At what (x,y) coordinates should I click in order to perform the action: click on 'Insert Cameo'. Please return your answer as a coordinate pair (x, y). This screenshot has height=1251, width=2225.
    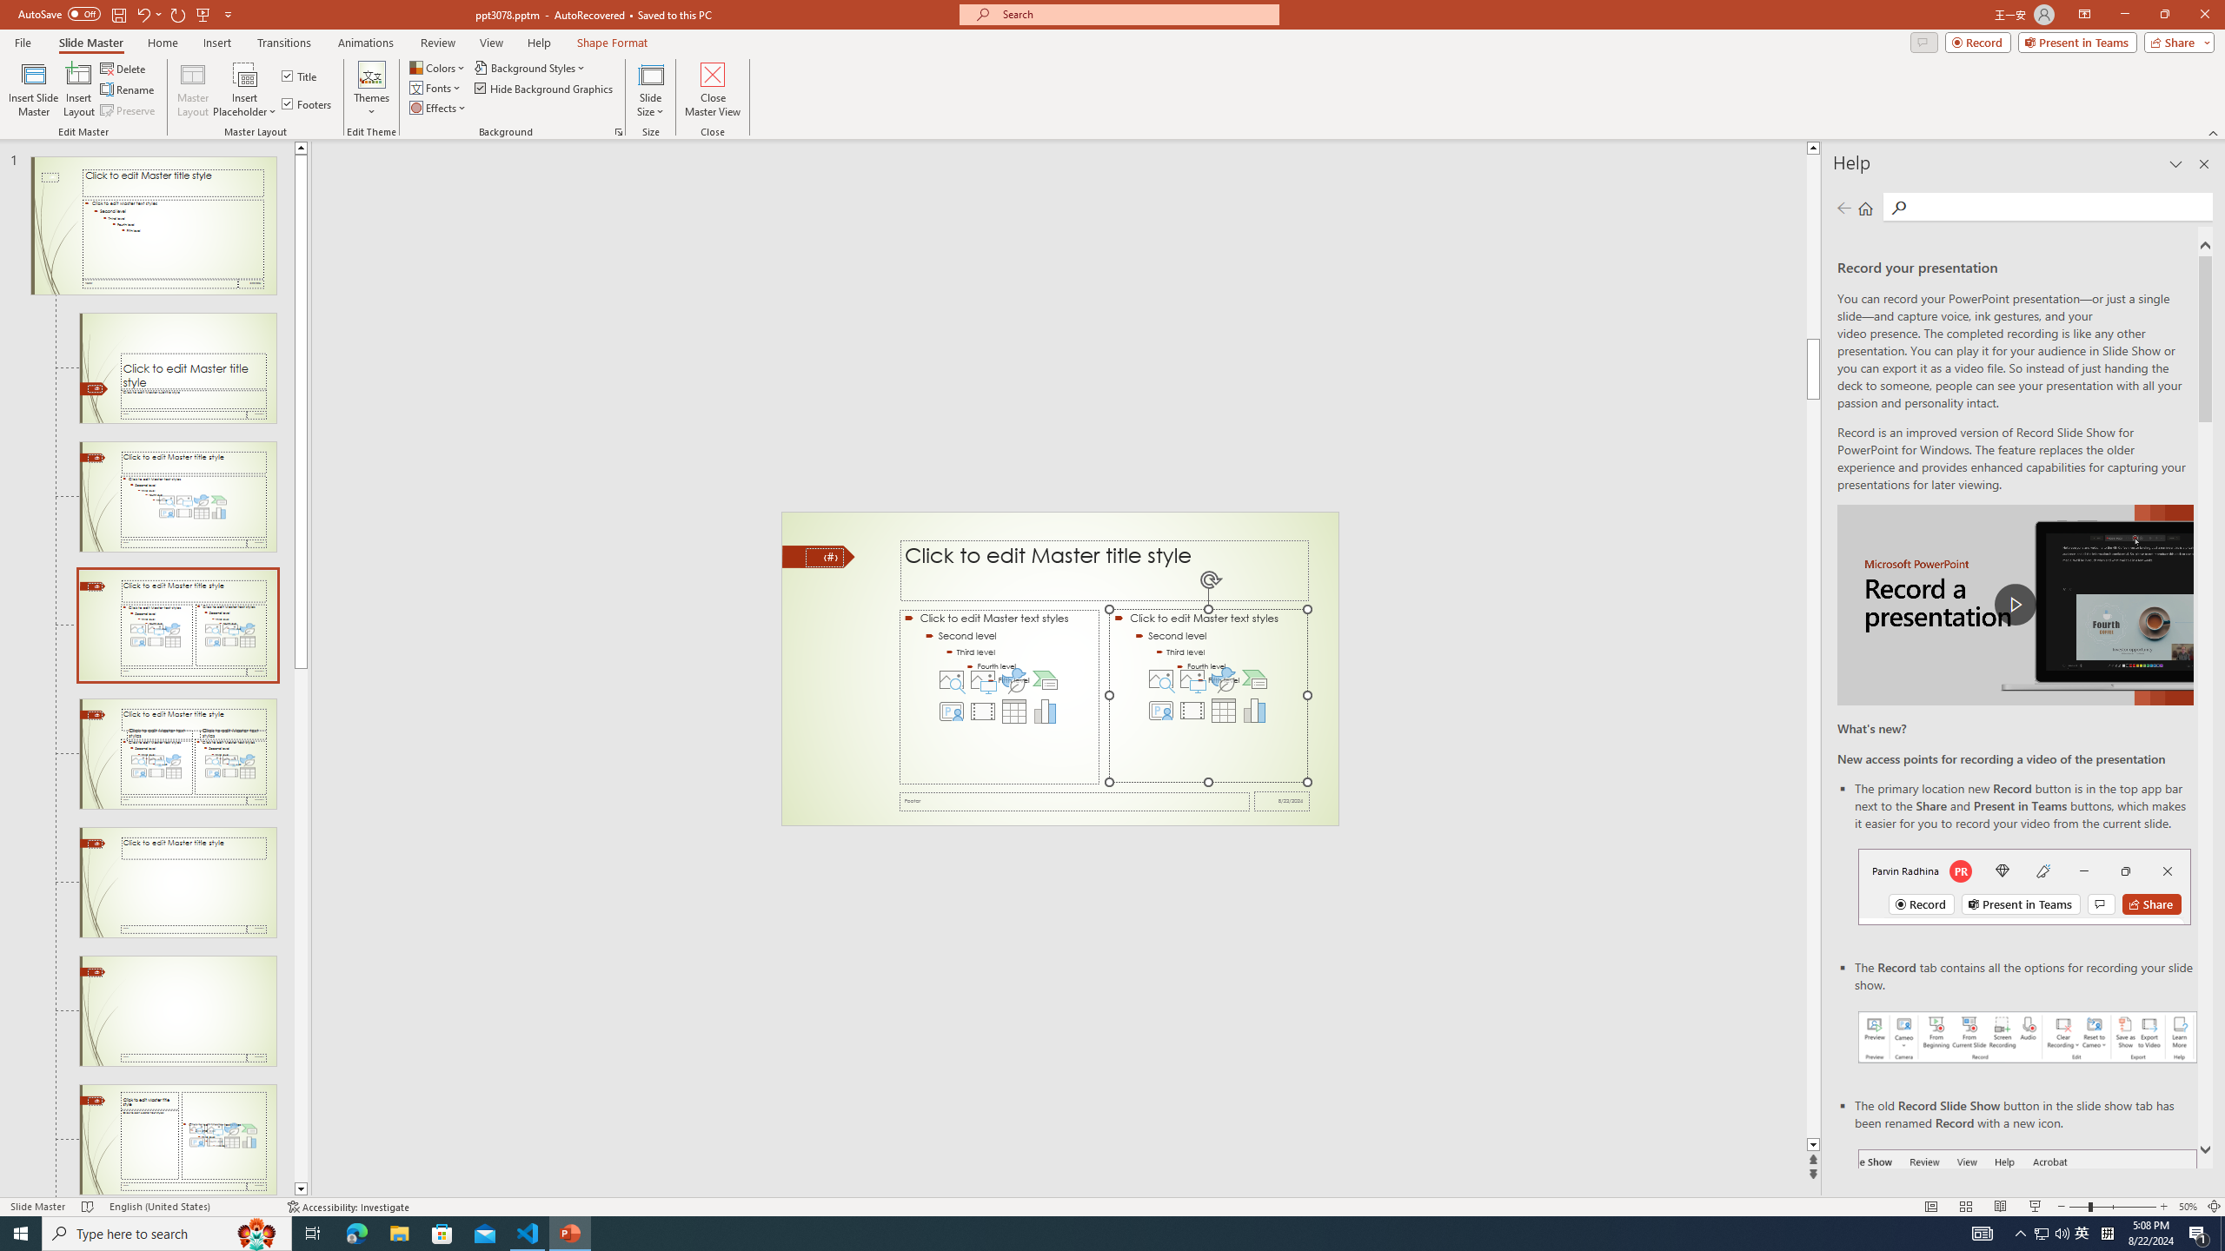
    Looking at the image, I should click on (1161, 709).